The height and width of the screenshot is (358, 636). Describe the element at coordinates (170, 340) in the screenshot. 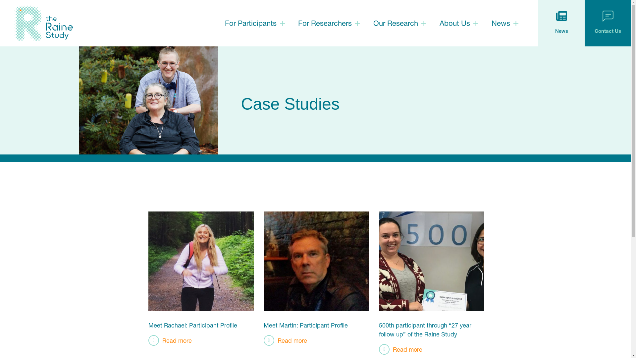

I see `'Read more'` at that location.